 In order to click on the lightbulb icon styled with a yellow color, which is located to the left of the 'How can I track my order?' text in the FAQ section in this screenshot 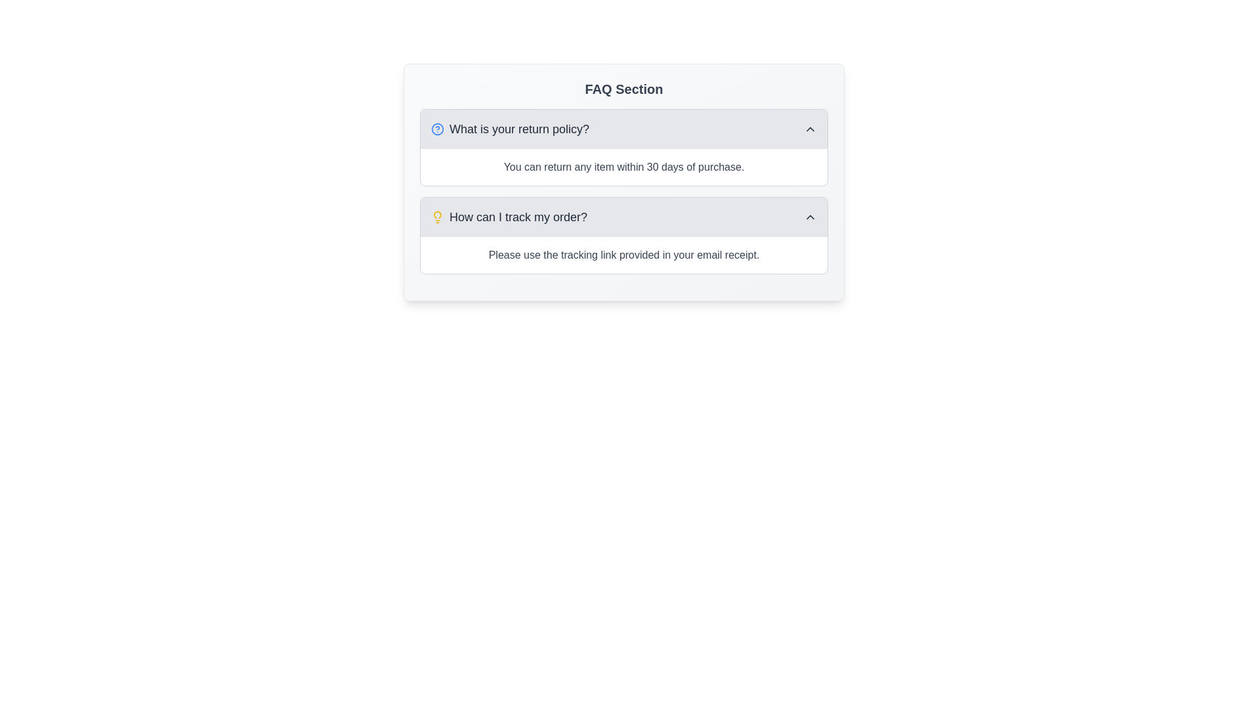, I will do `click(438, 217)`.